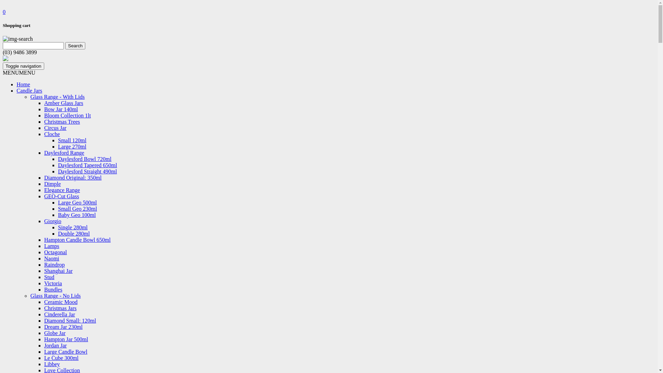  Describe the element at coordinates (4, 12) in the screenshot. I see `'0'` at that location.